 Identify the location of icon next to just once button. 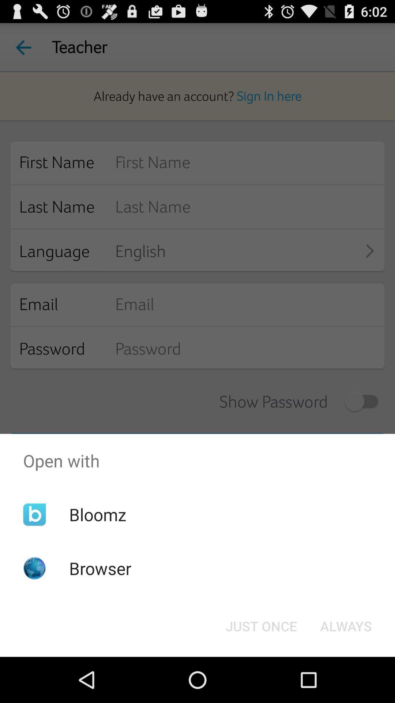
(346, 625).